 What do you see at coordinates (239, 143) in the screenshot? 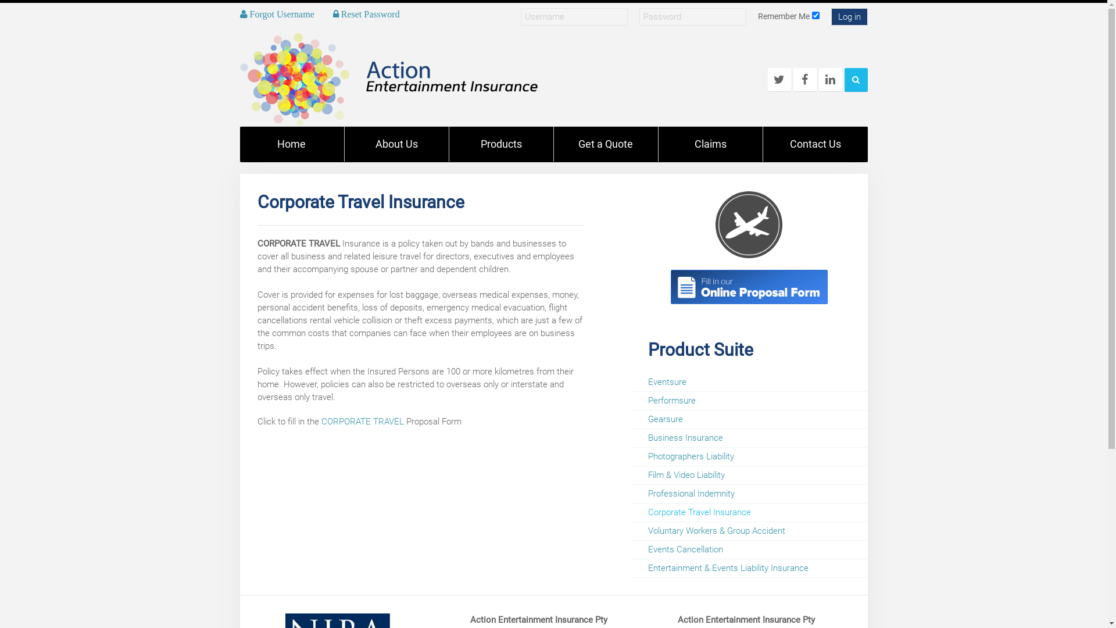
I see `'Home'` at bounding box center [239, 143].